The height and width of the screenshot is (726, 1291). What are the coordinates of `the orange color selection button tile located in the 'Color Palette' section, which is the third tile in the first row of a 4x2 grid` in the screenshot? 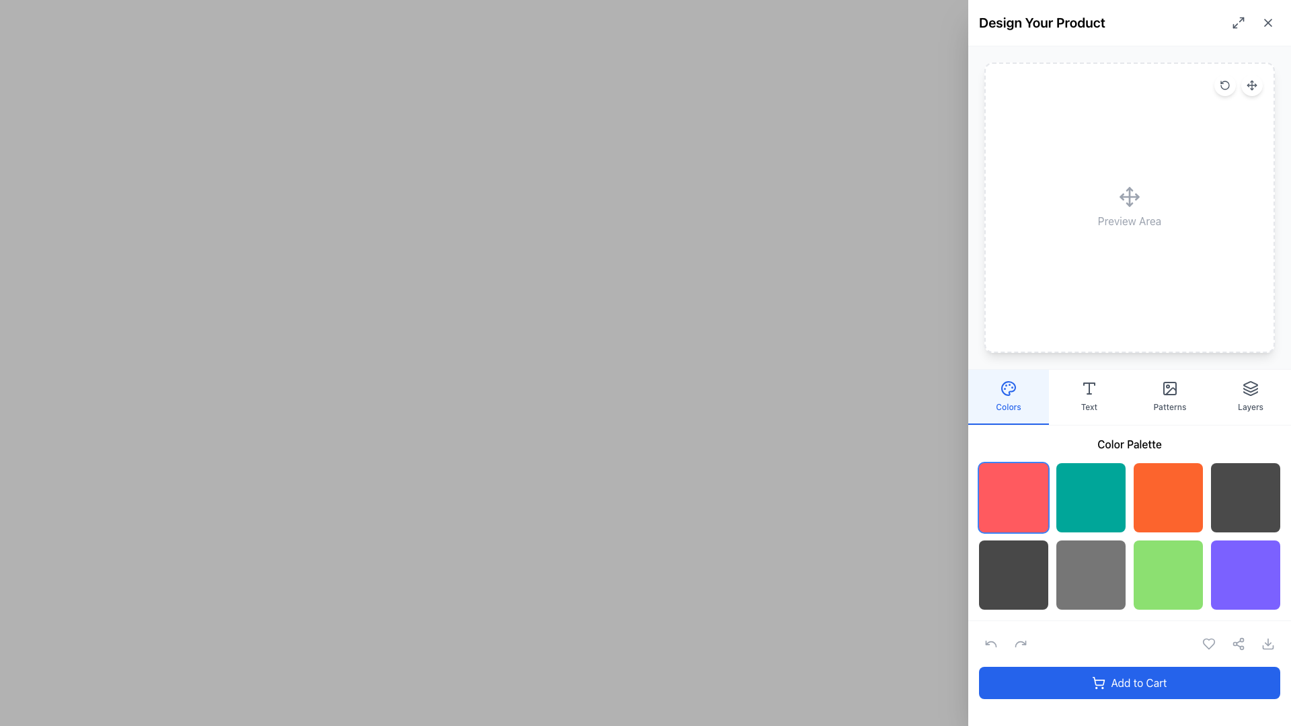 It's located at (1167, 497).